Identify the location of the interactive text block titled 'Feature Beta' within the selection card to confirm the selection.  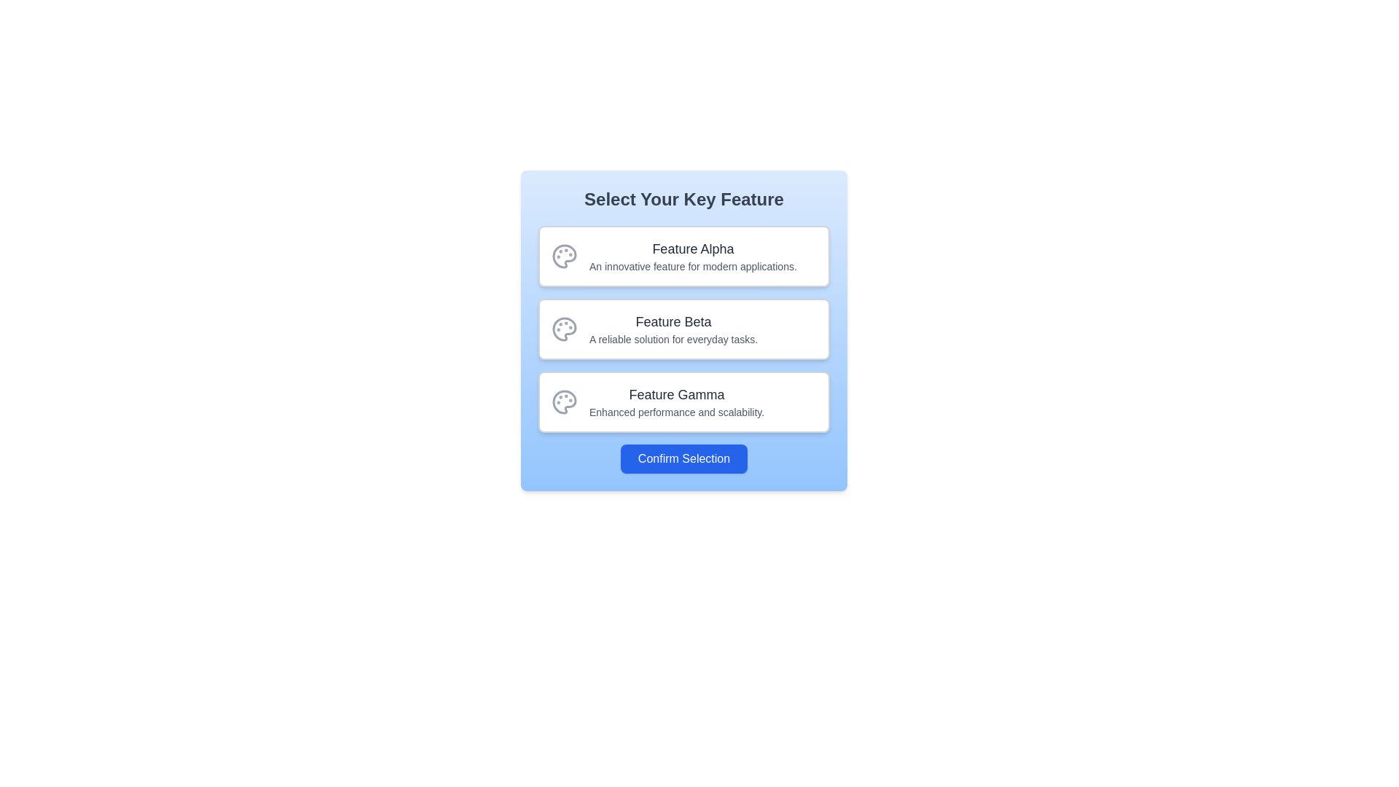
(673, 329).